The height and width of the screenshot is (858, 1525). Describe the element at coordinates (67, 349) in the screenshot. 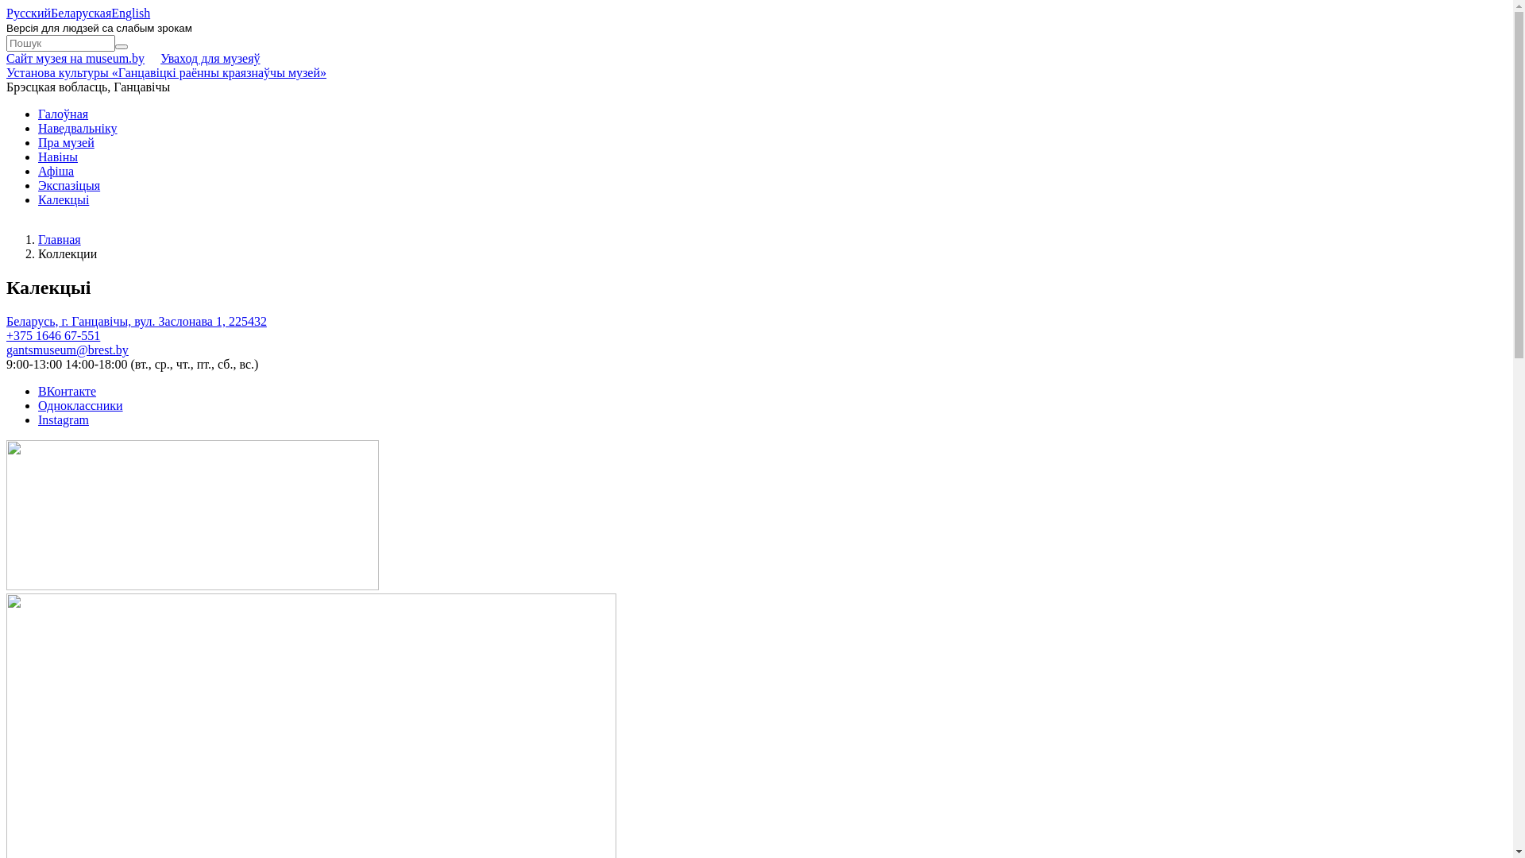

I see `'gantsmuseum@brest.by'` at that location.